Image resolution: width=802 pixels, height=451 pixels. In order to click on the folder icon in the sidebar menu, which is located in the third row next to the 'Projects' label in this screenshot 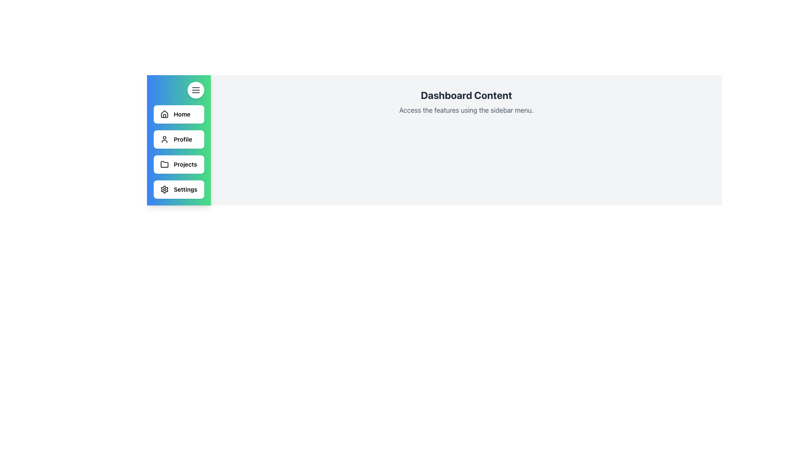, I will do `click(164, 164)`.